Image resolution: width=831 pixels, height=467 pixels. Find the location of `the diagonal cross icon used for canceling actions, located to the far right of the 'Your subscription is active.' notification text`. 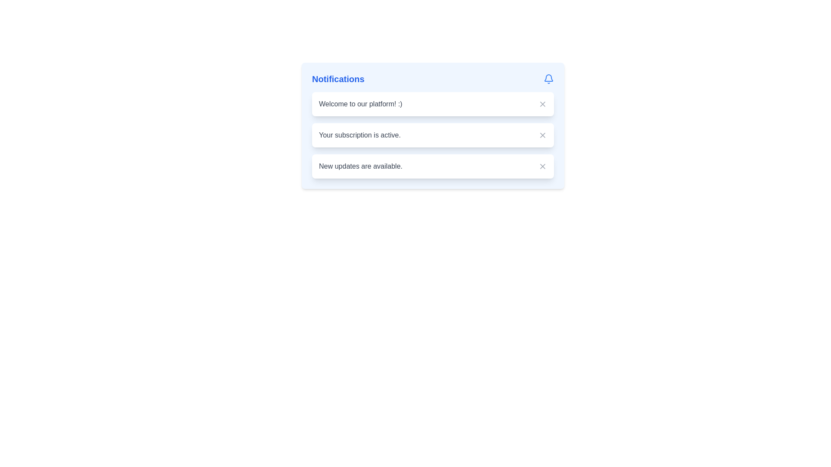

the diagonal cross icon used for canceling actions, located to the far right of the 'Your subscription is active.' notification text is located at coordinates (542, 135).